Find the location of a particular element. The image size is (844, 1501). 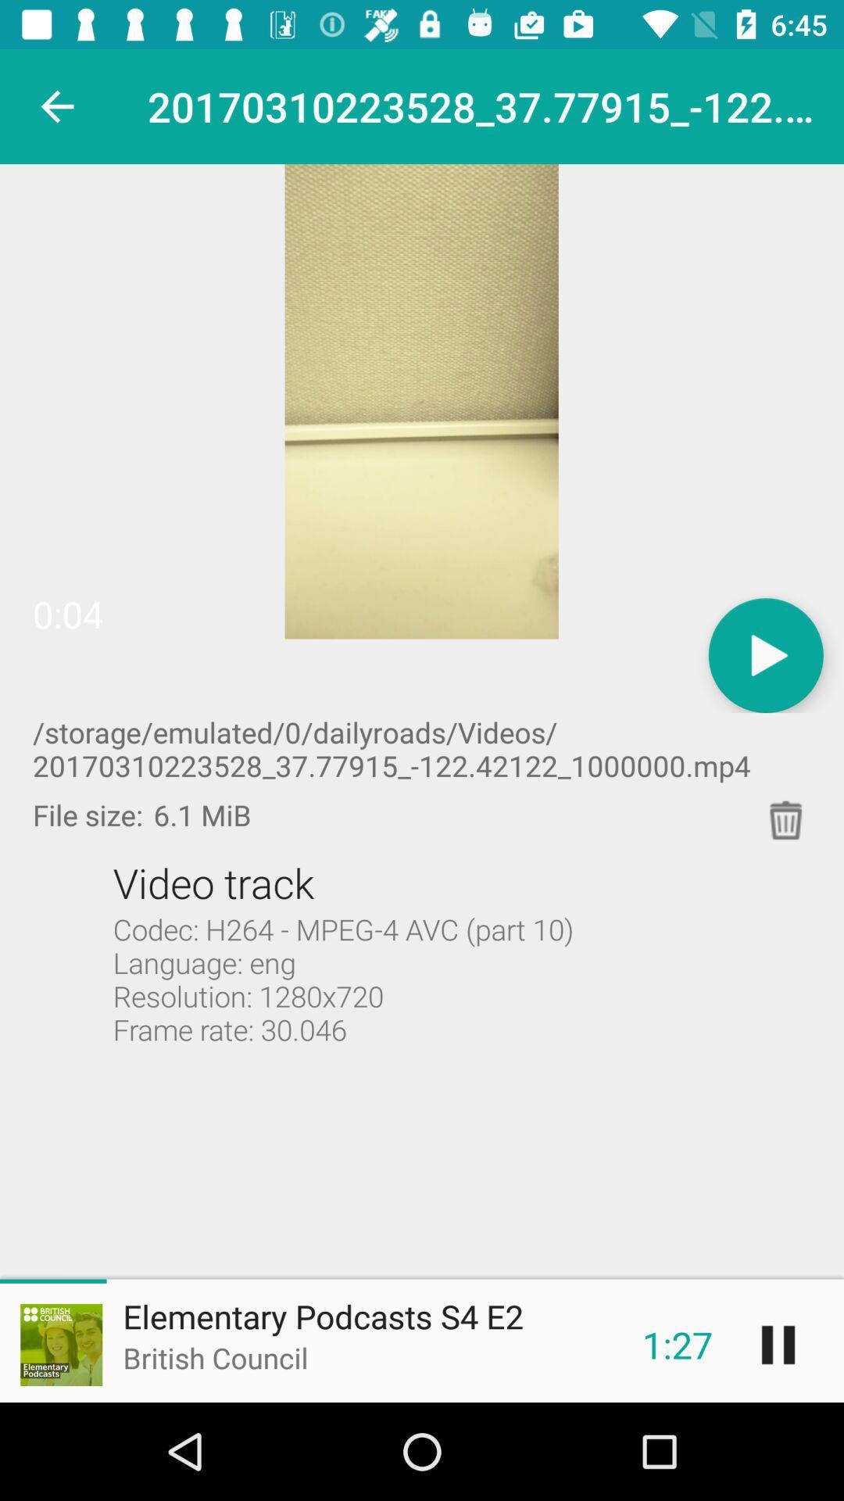

the delete icon is located at coordinates (786, 819).